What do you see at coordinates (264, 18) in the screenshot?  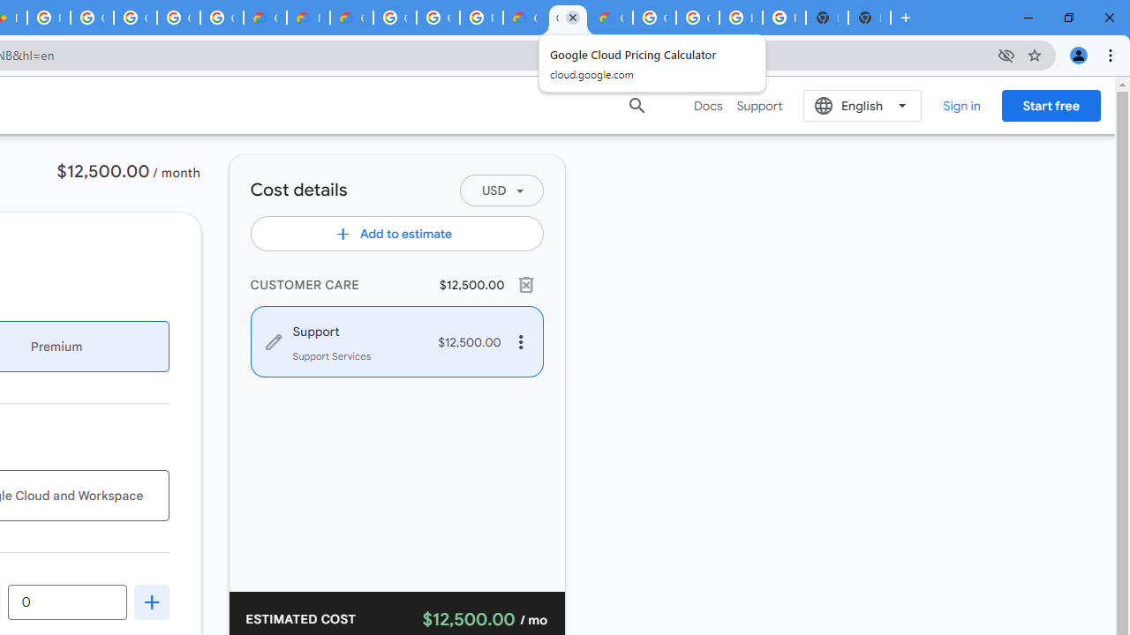 I see `'Customer Care | Google Cloud'` at bounding box center [264, 18].